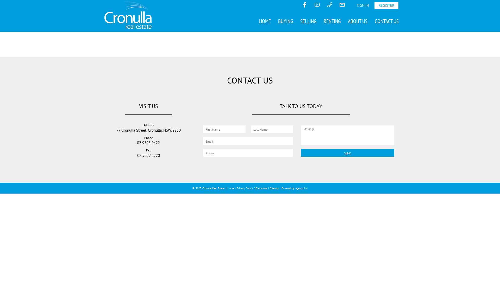 The width and height of the screenshot is (500, 281). What do you see at coordinates (308, 21) in the screenshot?
I see `'SELLING'` at bounding box center [308, 21].